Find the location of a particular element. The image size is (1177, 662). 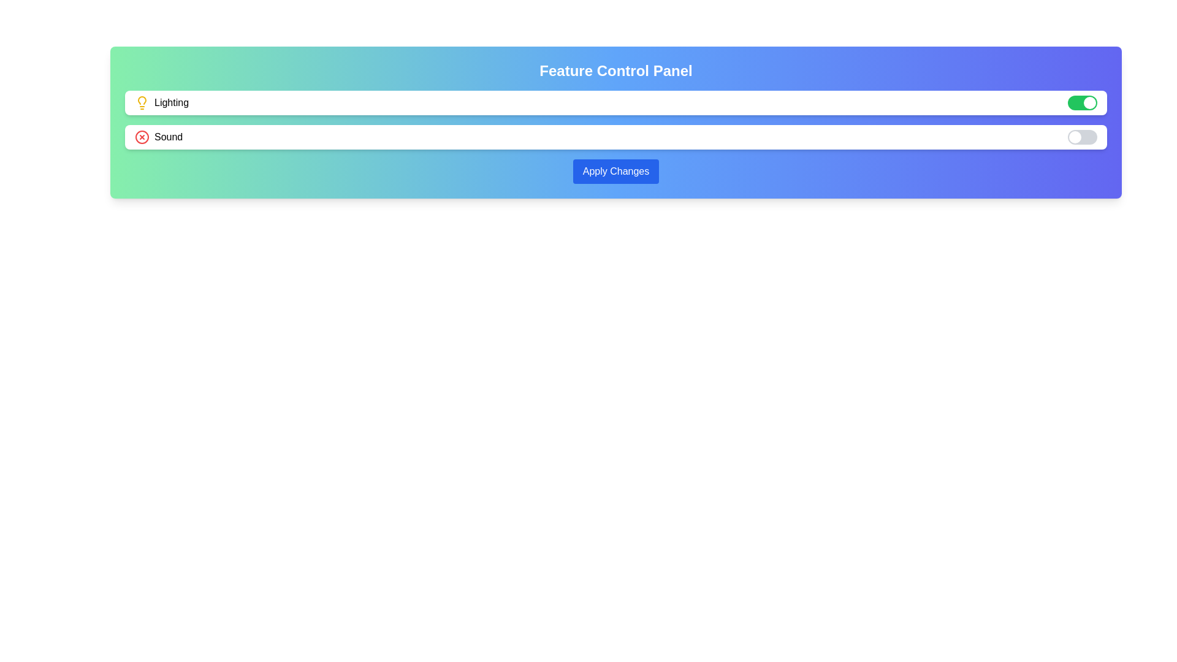

the part of the SVG graphical icon associated with the 'Sound' control toggle, which is located in the second row of the control panel next to the text 'Sound' is located at coordinates (142, 137).